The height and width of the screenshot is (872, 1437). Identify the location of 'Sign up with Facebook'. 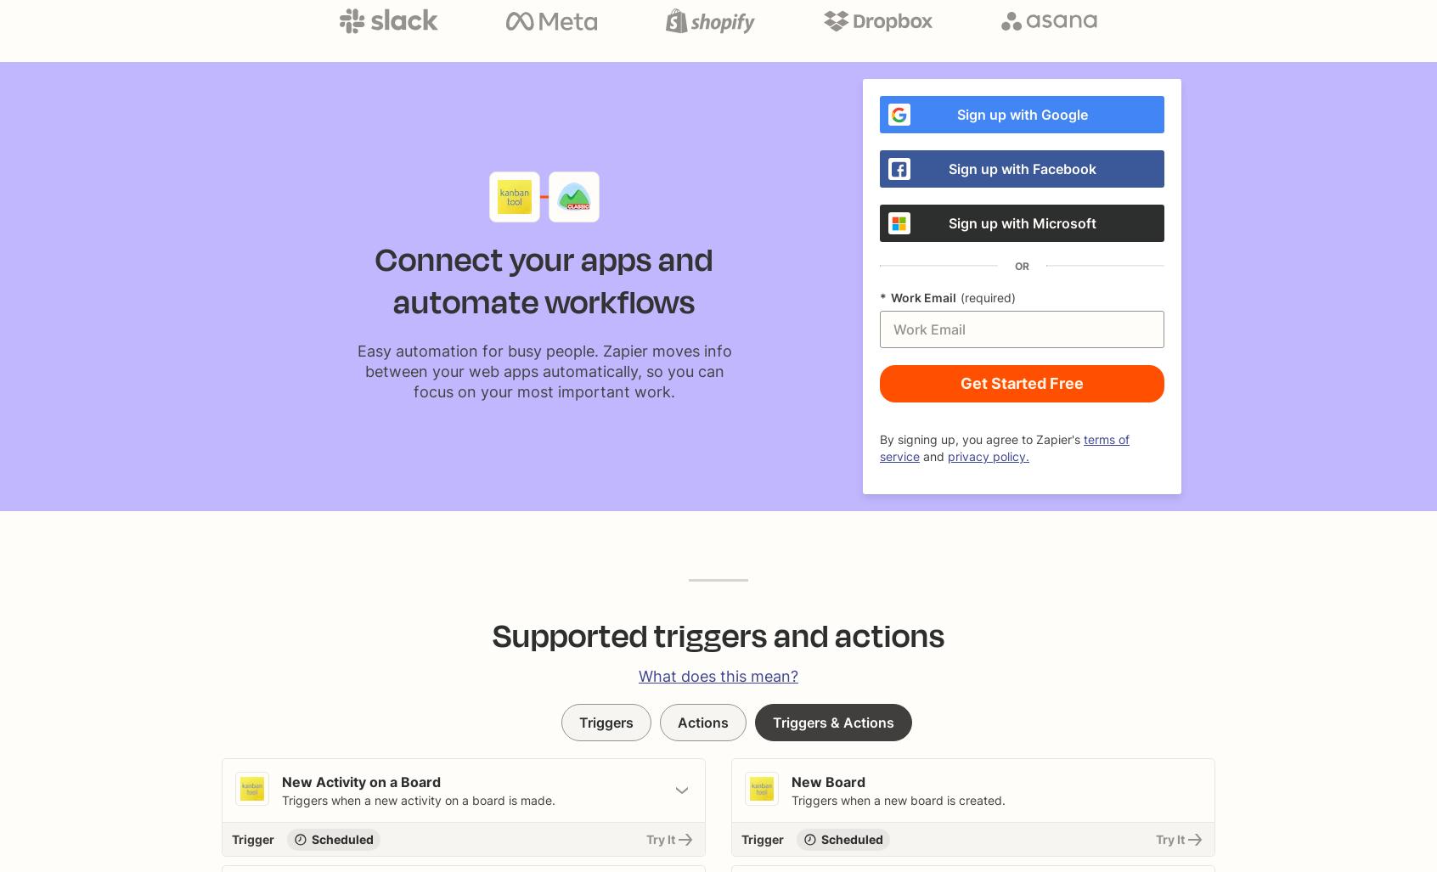
(948, 168).